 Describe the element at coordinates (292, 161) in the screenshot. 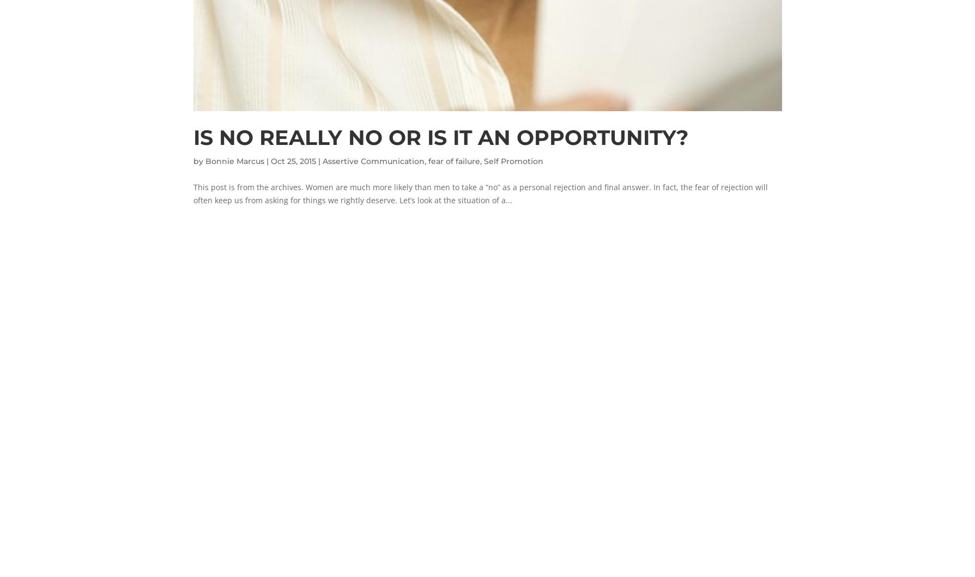

I see `'Oct 25, 2015'` at that location.